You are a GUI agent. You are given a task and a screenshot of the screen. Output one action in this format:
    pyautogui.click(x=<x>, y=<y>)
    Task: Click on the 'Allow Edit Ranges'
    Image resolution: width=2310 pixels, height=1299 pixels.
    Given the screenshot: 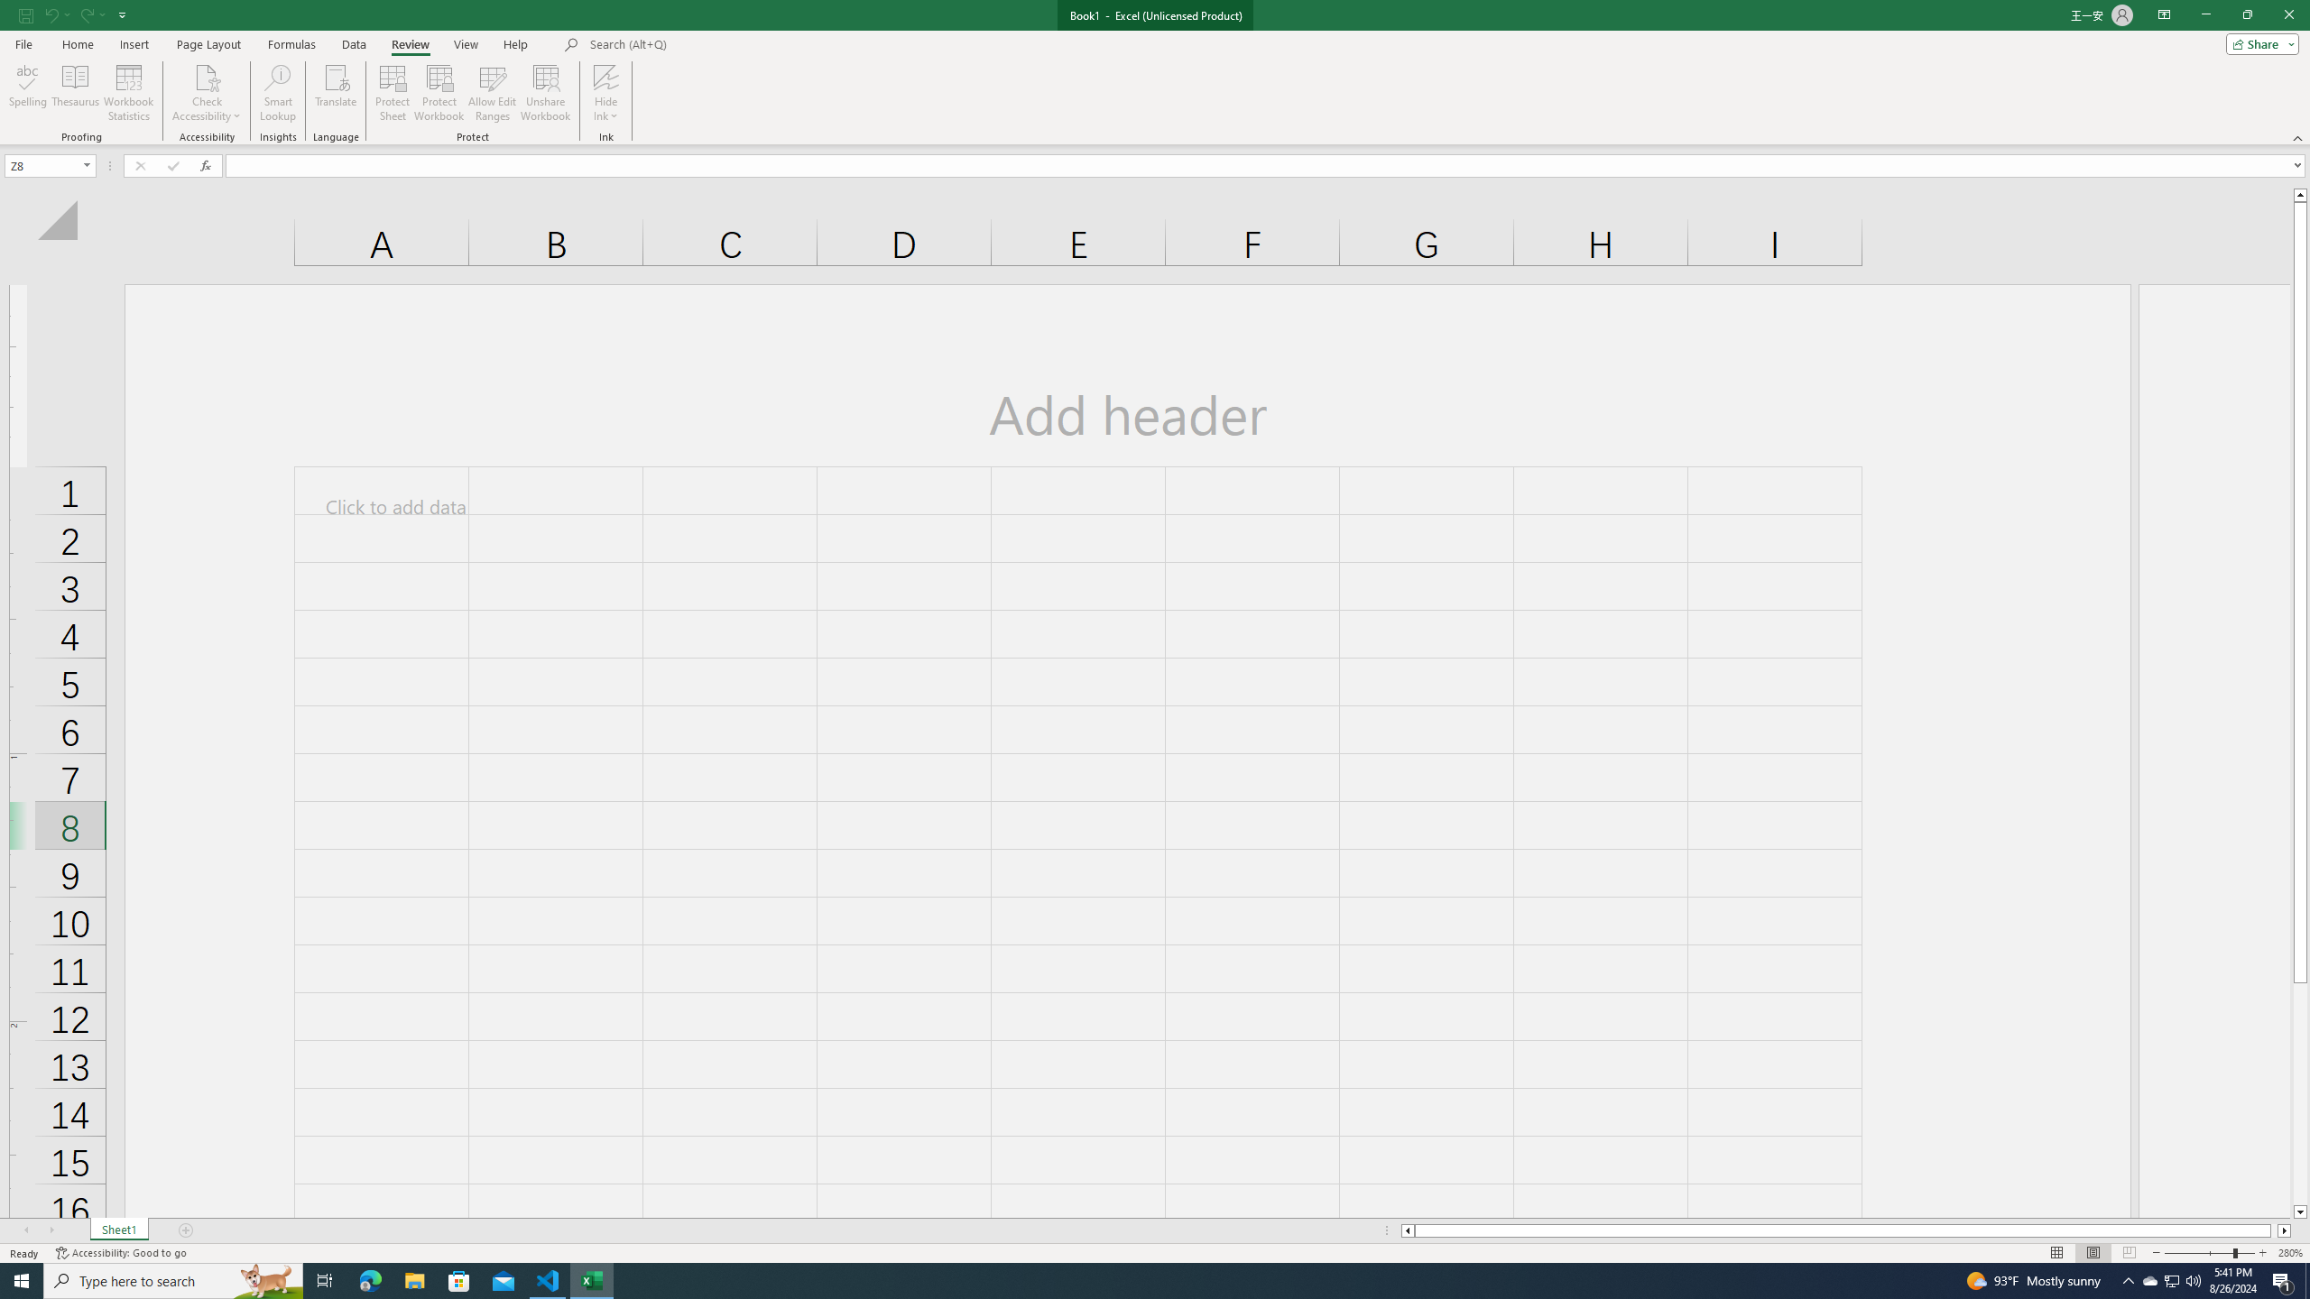 What is the action you would take?
    pyautogui.click(x=493, y=93)
    